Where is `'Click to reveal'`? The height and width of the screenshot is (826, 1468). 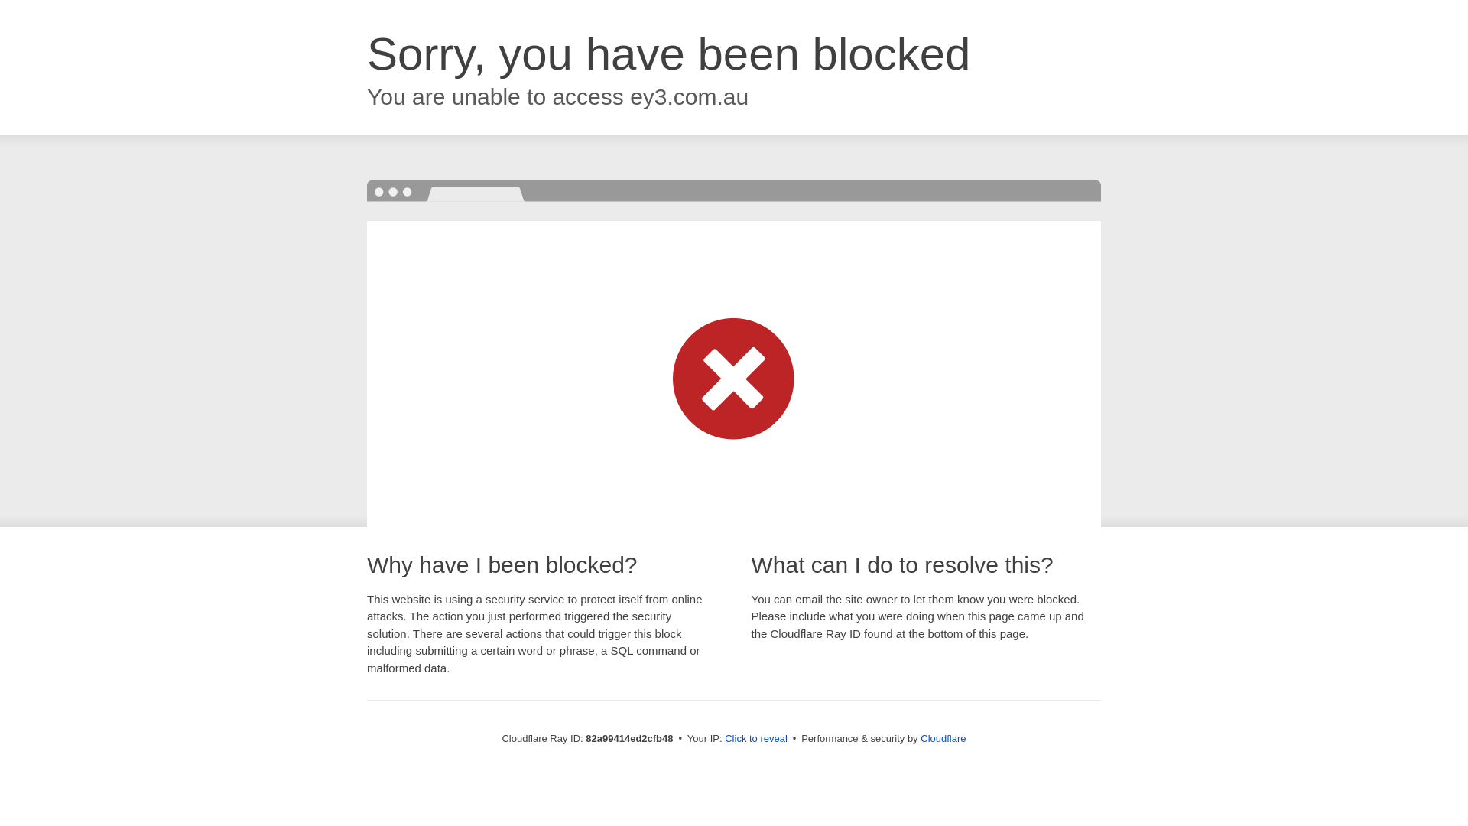 'Click to reveal' is located at coordinates (755, 737).